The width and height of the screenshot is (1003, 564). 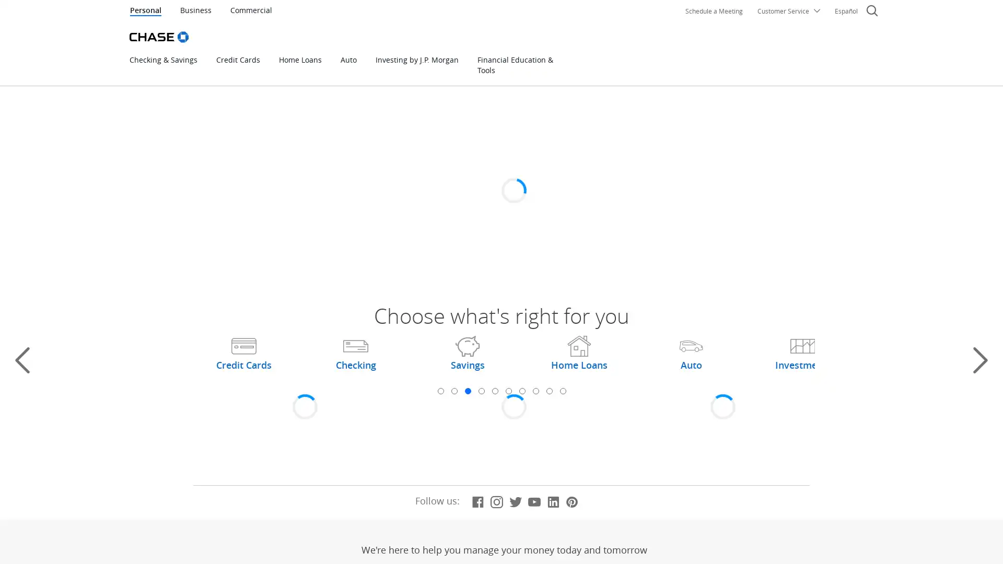 I want to click on Slide 1 of 10, so click(x=440, y=391).